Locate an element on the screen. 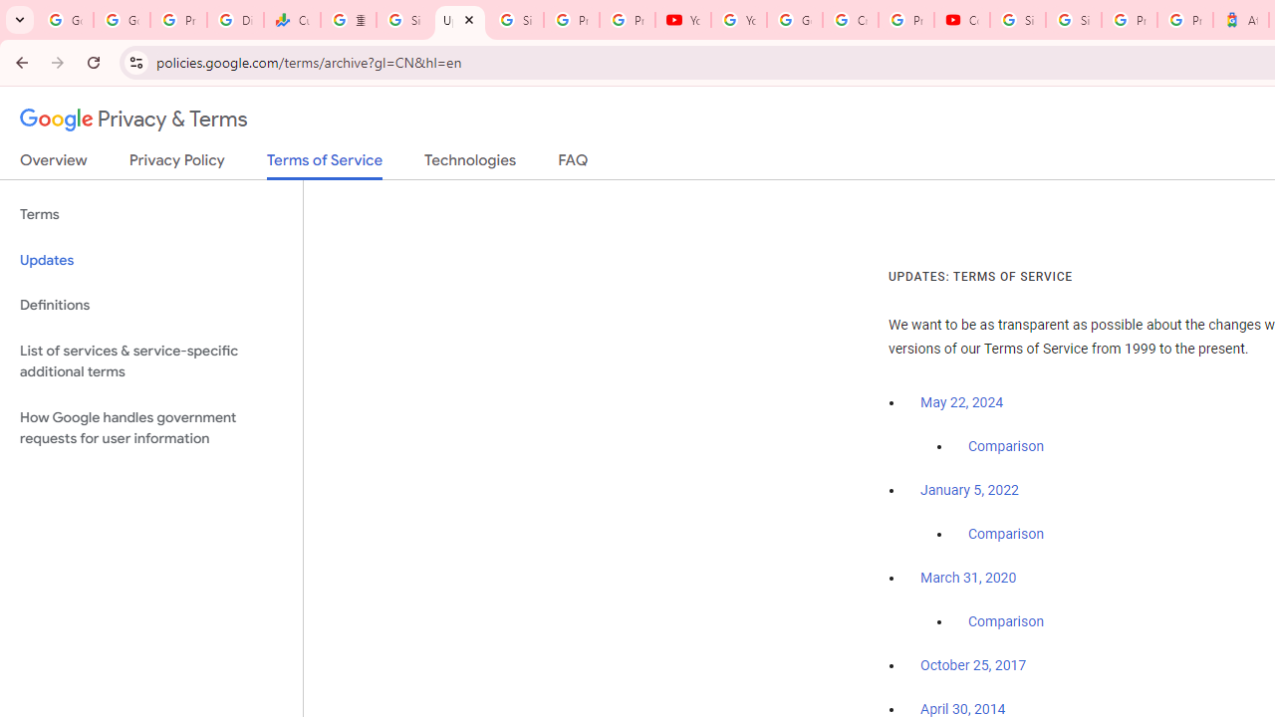  'Privacy & Terms' is located at coordinates (133, 119).